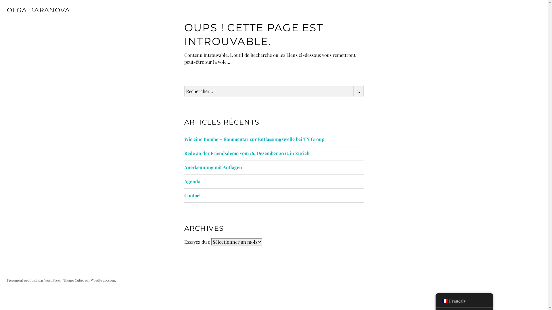 The image size is (552, 310). What do you see at coordinates (358, 91) in the screenshot?
I see `'Rechercher'` at bounding box center [358, 91].